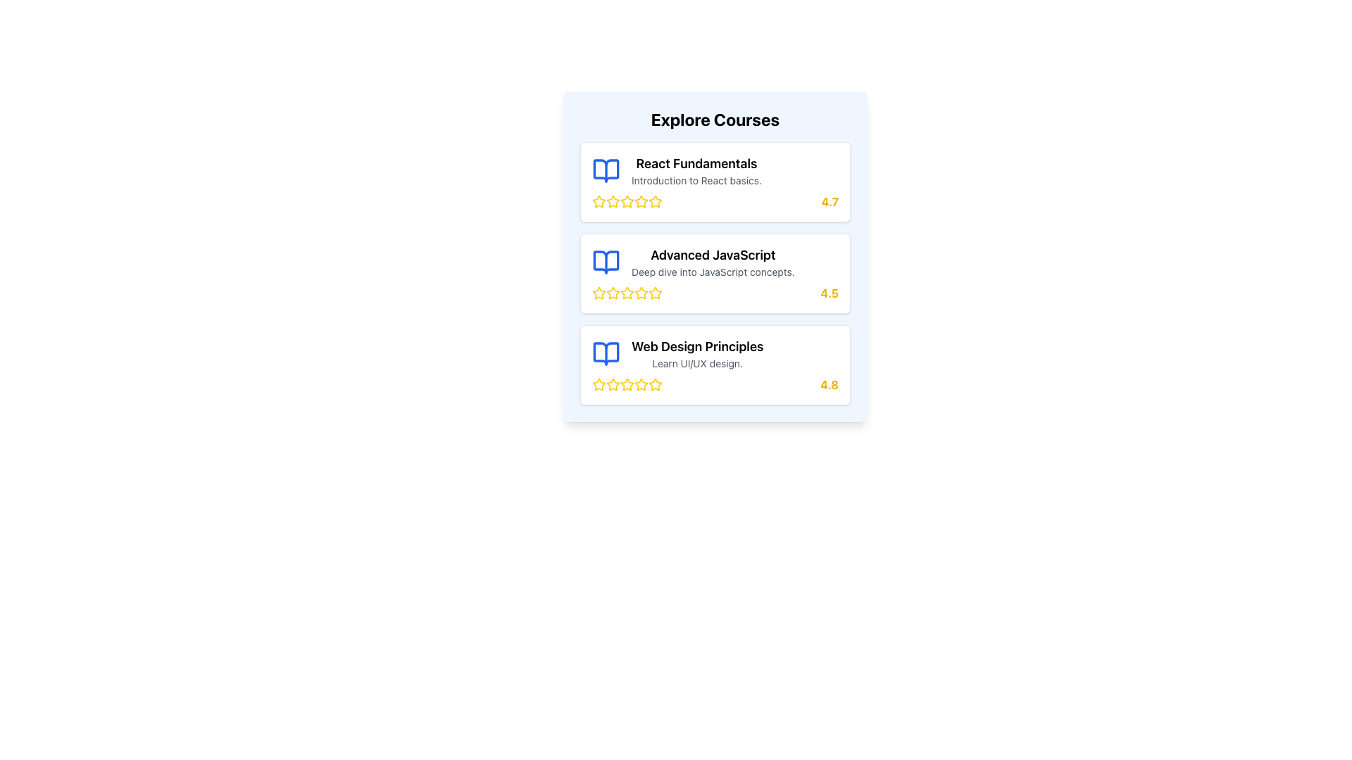 Image resolution: width=1352 pixels, height=760 pixels. Describe the element at coordinates (627, 385) in the screenshot. I see `the sixth rating star icon with a yellow outline in the 'Web Design Principles' course rating section` at that location.